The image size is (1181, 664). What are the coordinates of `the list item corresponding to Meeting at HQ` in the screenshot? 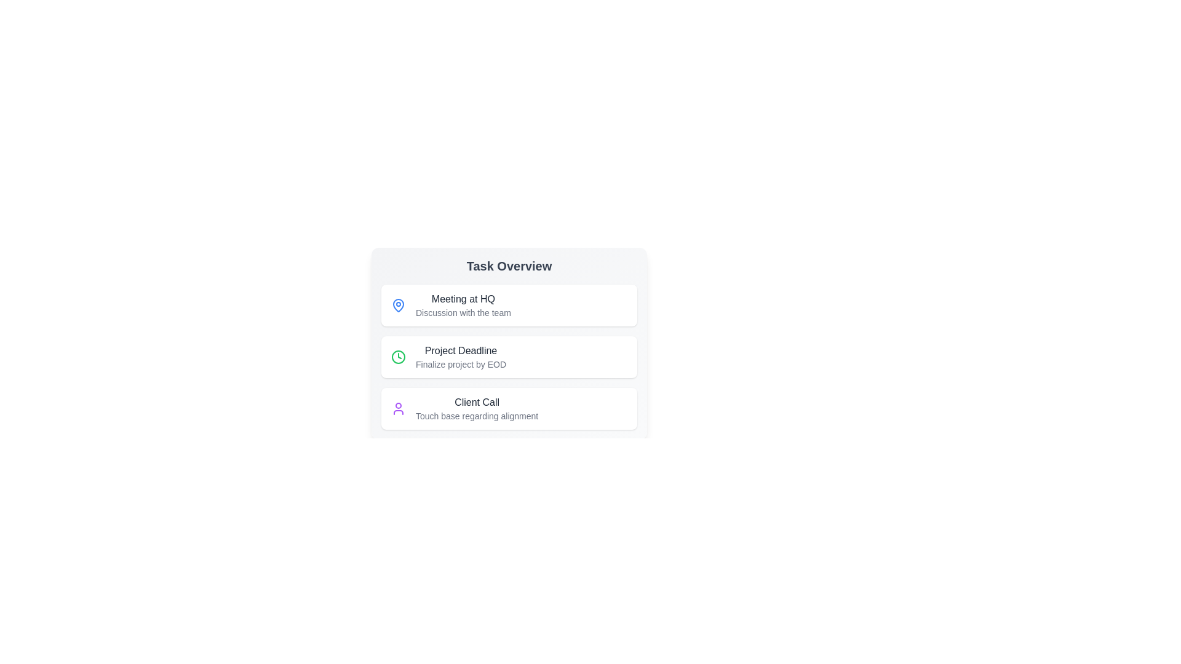 It's located at (509, 305).